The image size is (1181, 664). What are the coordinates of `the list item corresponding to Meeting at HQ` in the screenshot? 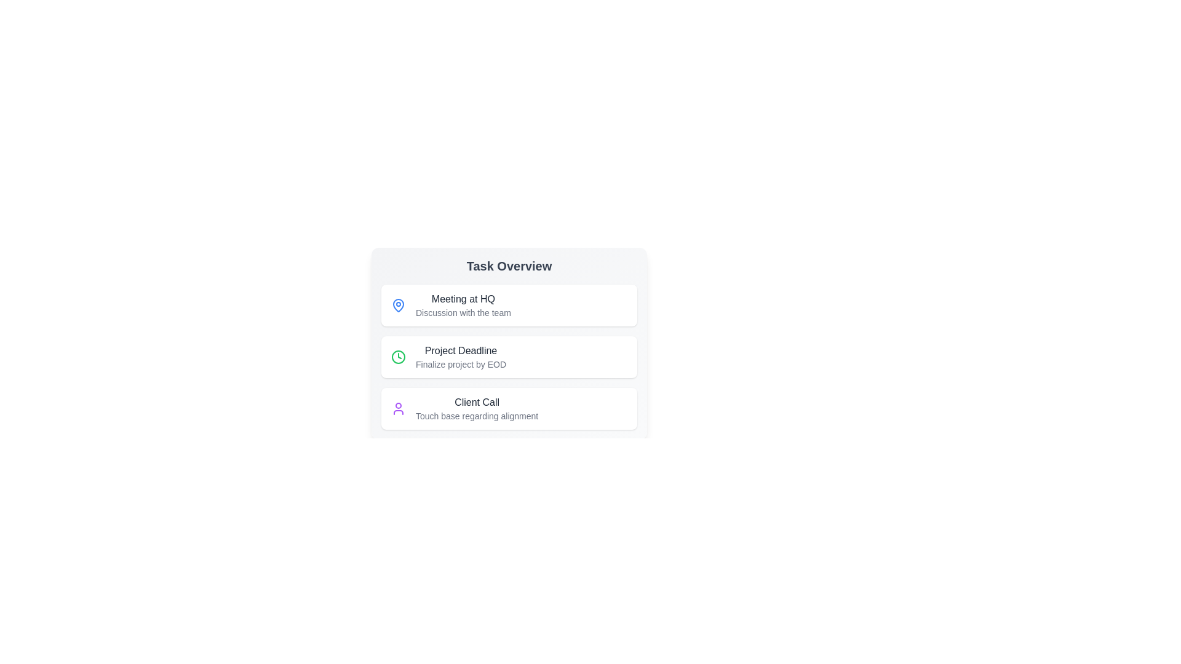 It's located at (509, 305).